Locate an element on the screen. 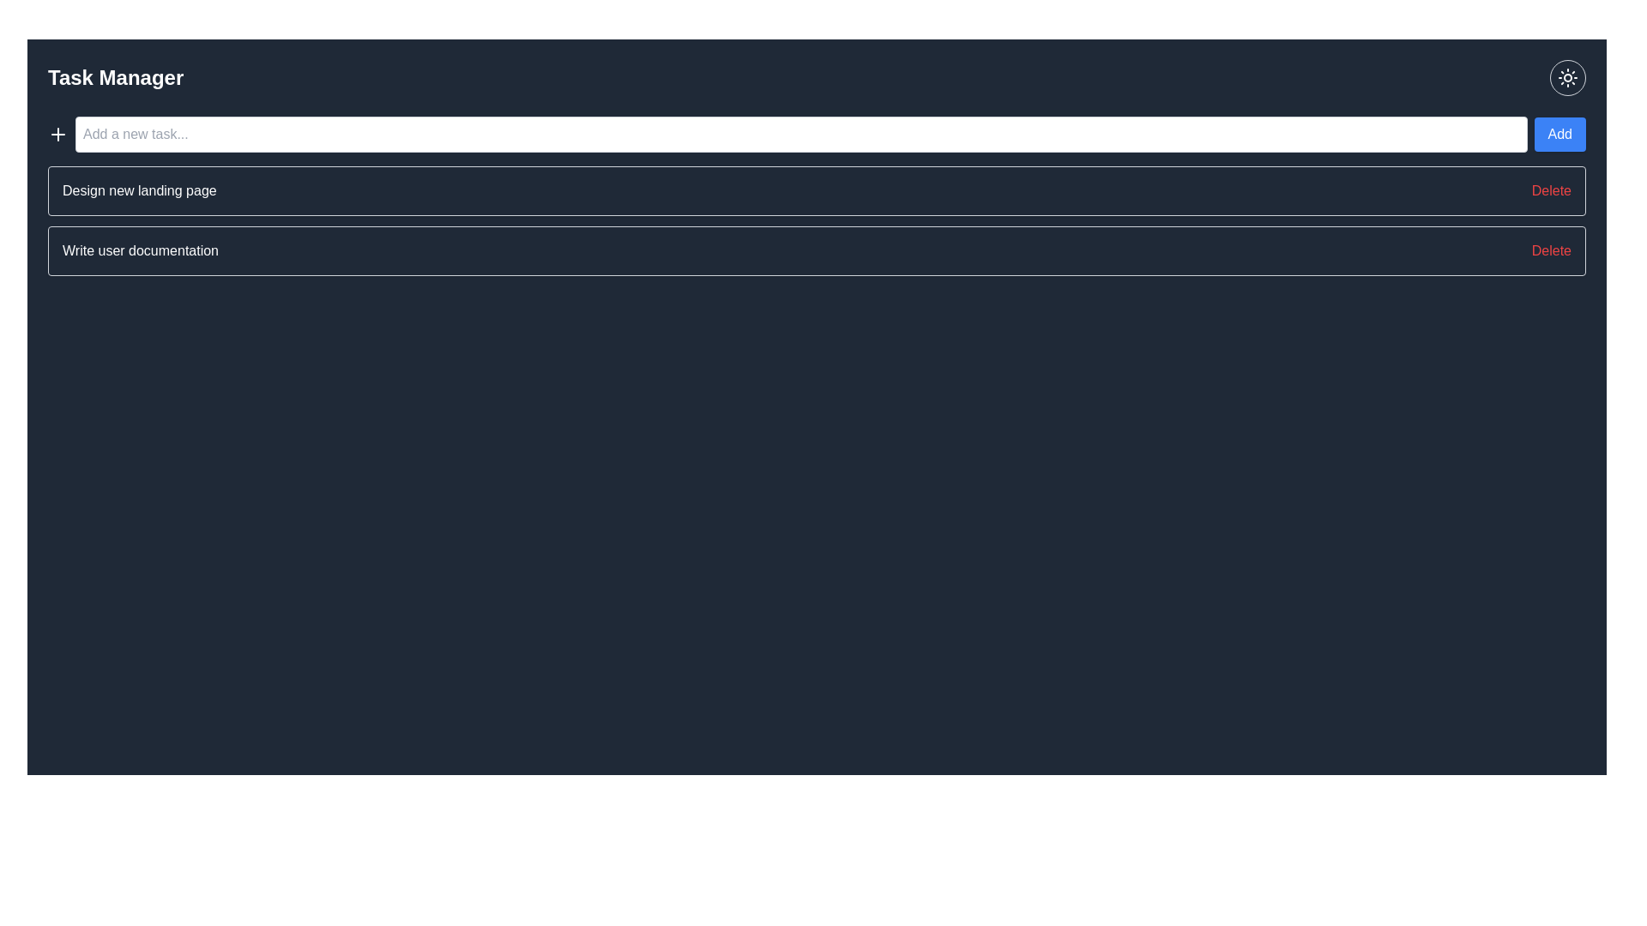  the input field or button in the horizontal layout of the task manager to receive visual feedback is located at coordinates (816, 134).